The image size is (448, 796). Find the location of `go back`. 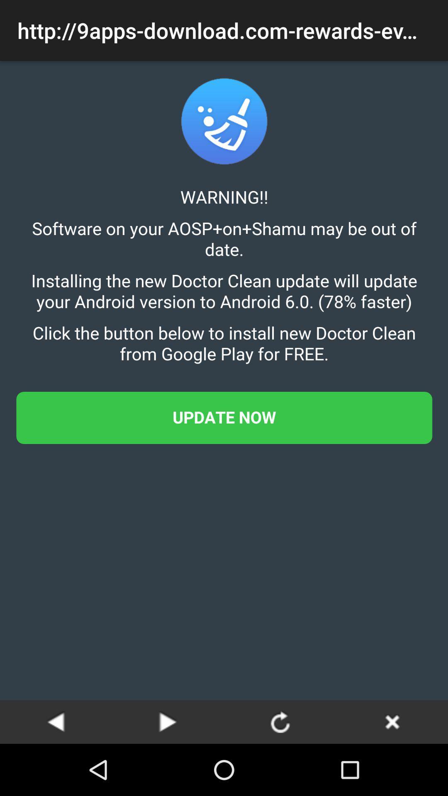

go back is located at coordinates (56, 721).